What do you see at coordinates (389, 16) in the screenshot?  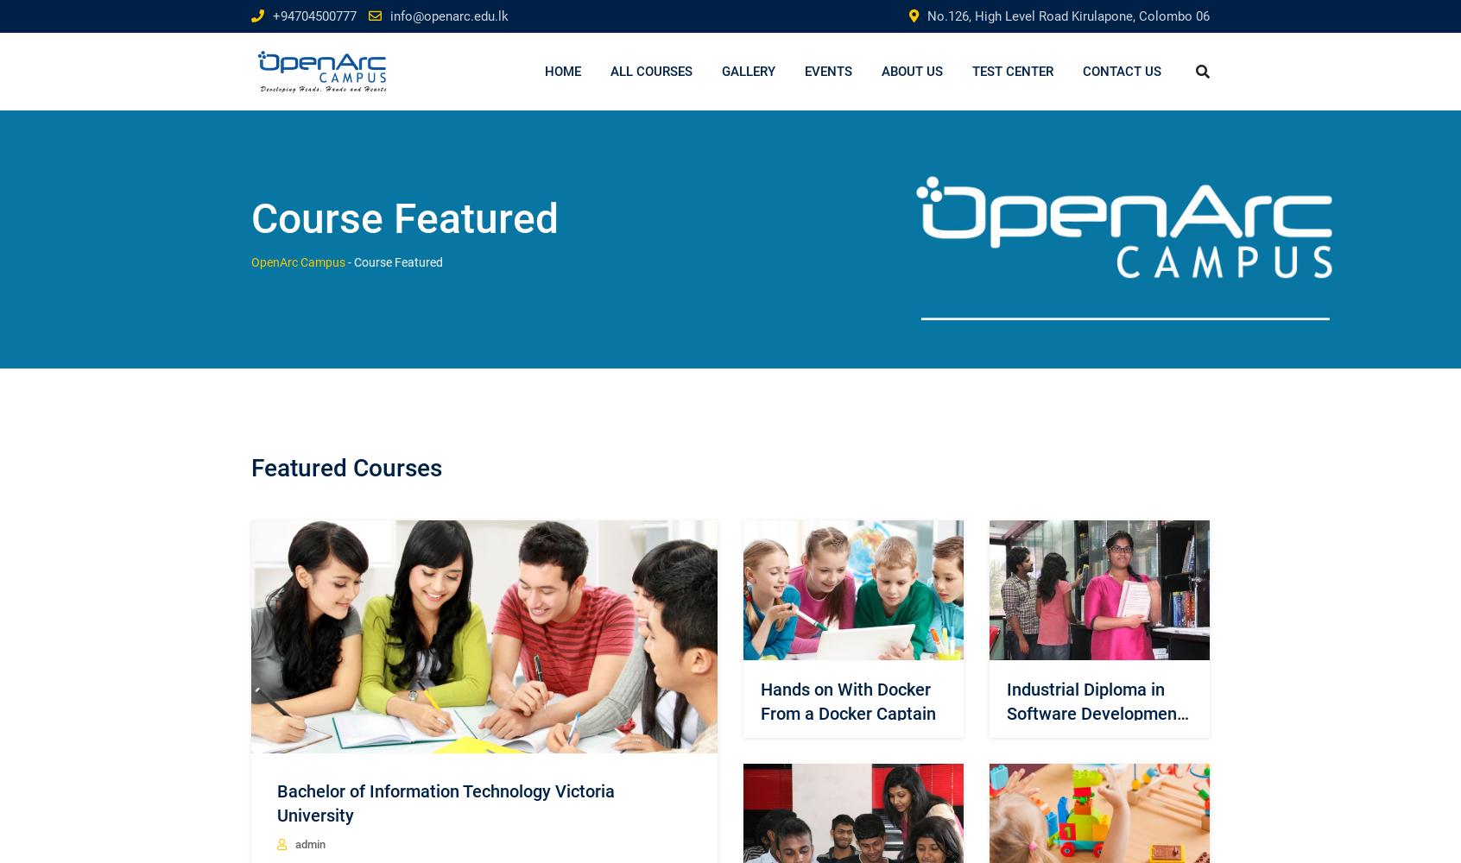 I see `'info@openarc.edu.lk'` at bounding box center [389, 16].